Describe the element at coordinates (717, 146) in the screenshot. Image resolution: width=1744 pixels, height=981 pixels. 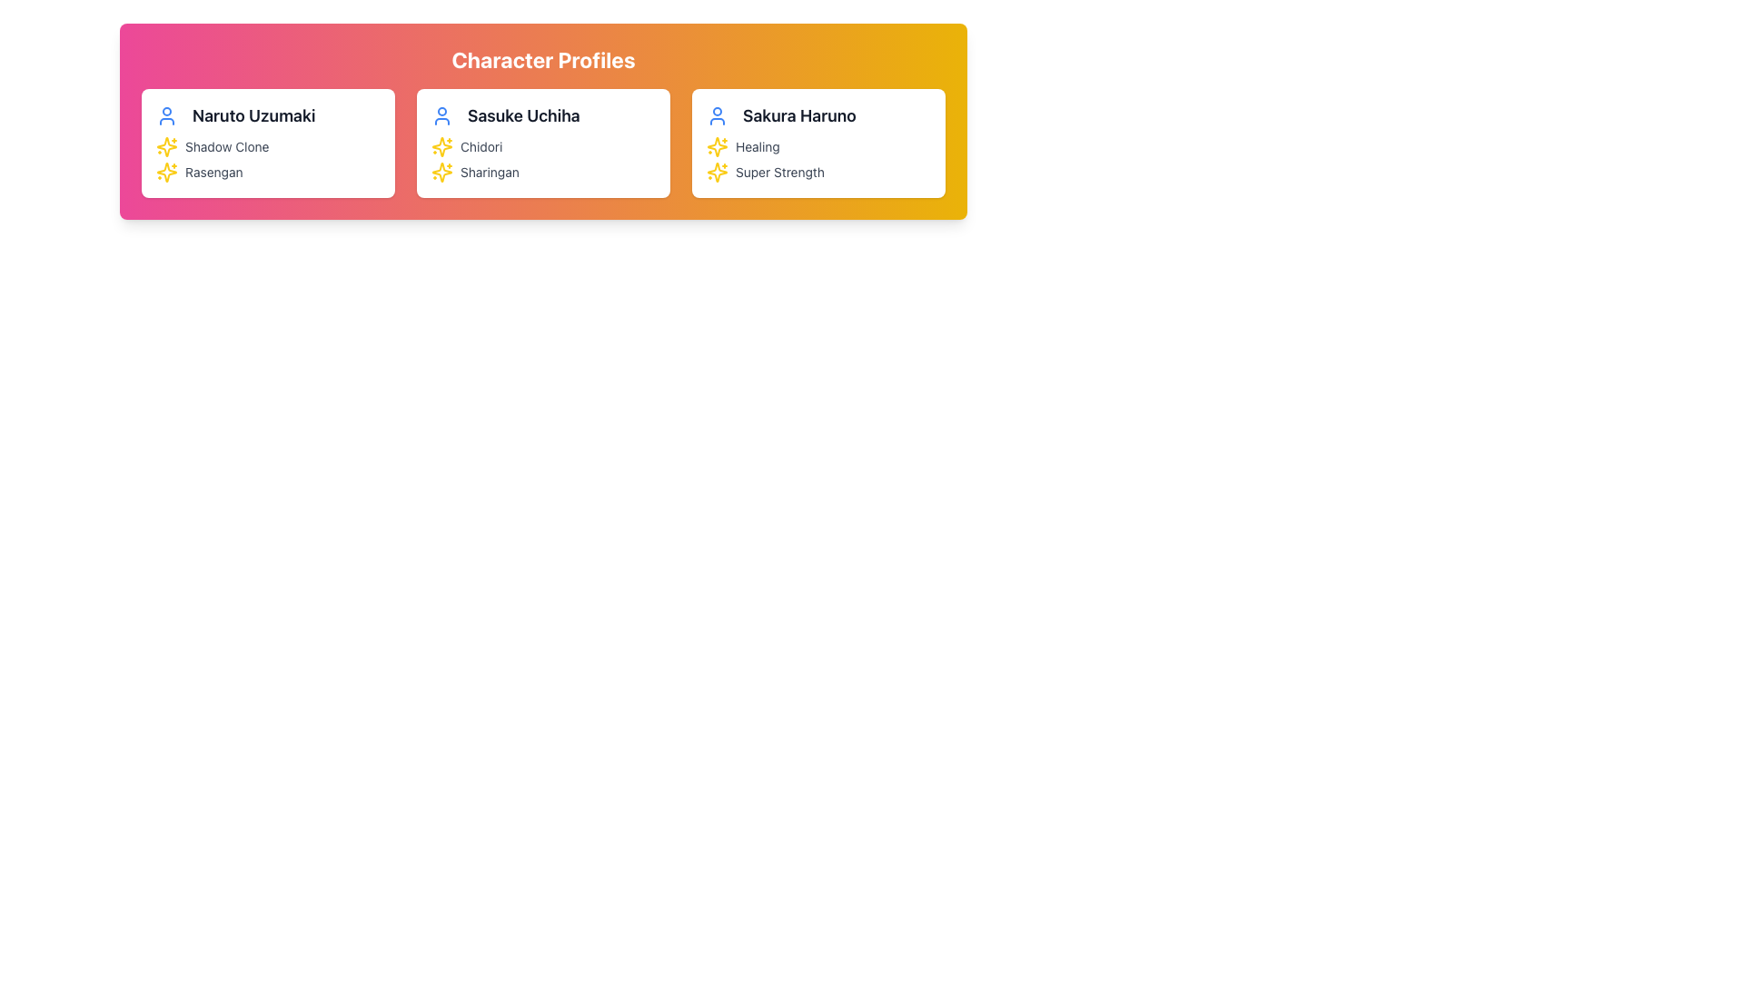
I see `the Healing icon located within the 'Sakura Haruno' card, positioned on the far-right of the layout as the left-most item in the row of features` at that location.